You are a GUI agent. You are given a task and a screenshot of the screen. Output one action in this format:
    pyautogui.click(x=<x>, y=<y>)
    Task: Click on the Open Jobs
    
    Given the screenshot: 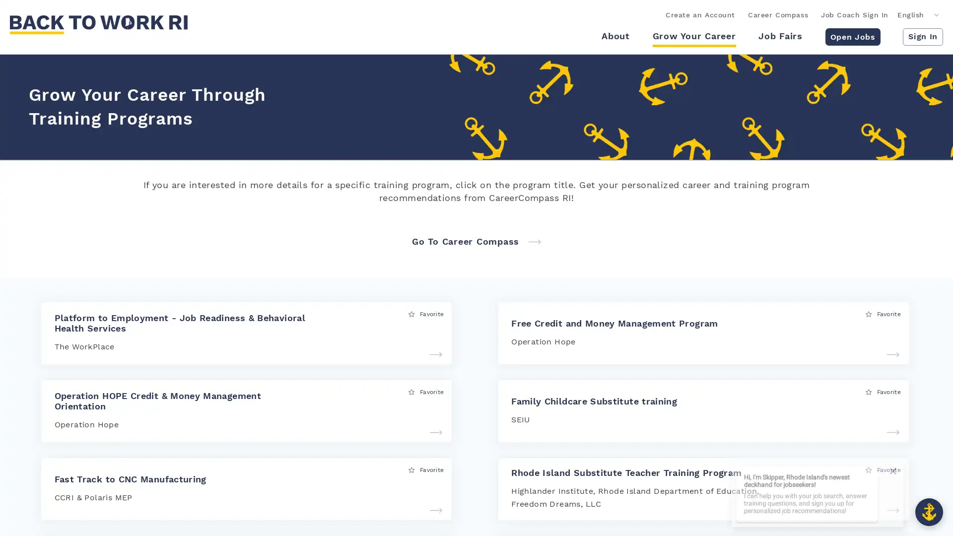 What is the action you would take?
    pyautogui.click(x=852, y=36)
    